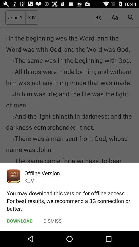  I want to click on the dismiss, so click(52, 220).